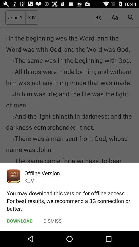  I want to click on the dismiss, so click(52, 220).